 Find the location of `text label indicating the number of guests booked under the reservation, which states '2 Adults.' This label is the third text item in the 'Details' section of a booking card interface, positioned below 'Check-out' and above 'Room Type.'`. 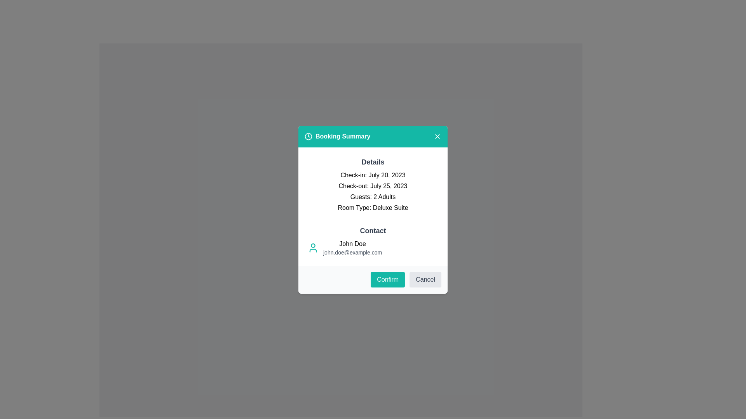

text label indicating the number of guests booked under the reservation, which states '2 Adults.' This label is the third text item in the 'Details' section of a booking card interface, positioned below 'Check-out' and above 'Room Type.' is located at coordinates (373, 196).